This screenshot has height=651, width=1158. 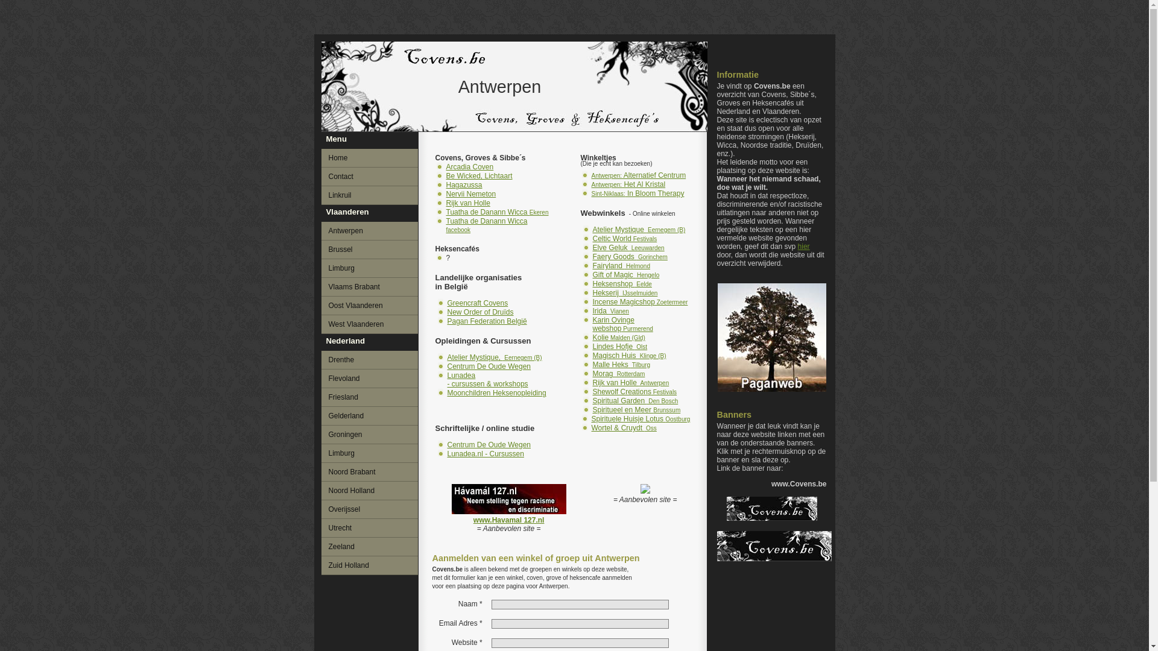 I want to click on 'Overijssel', so click(x=368, y=509).